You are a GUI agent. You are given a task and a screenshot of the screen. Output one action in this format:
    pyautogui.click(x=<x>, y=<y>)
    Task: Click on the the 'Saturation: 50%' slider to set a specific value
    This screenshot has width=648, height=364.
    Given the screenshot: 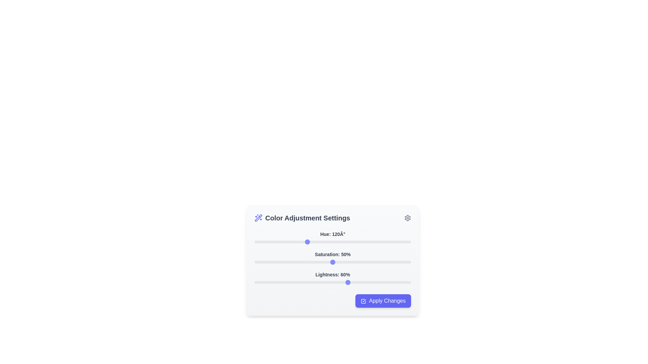 What is the action you would take?
    pyautogui.click(x=332, y=258)
    